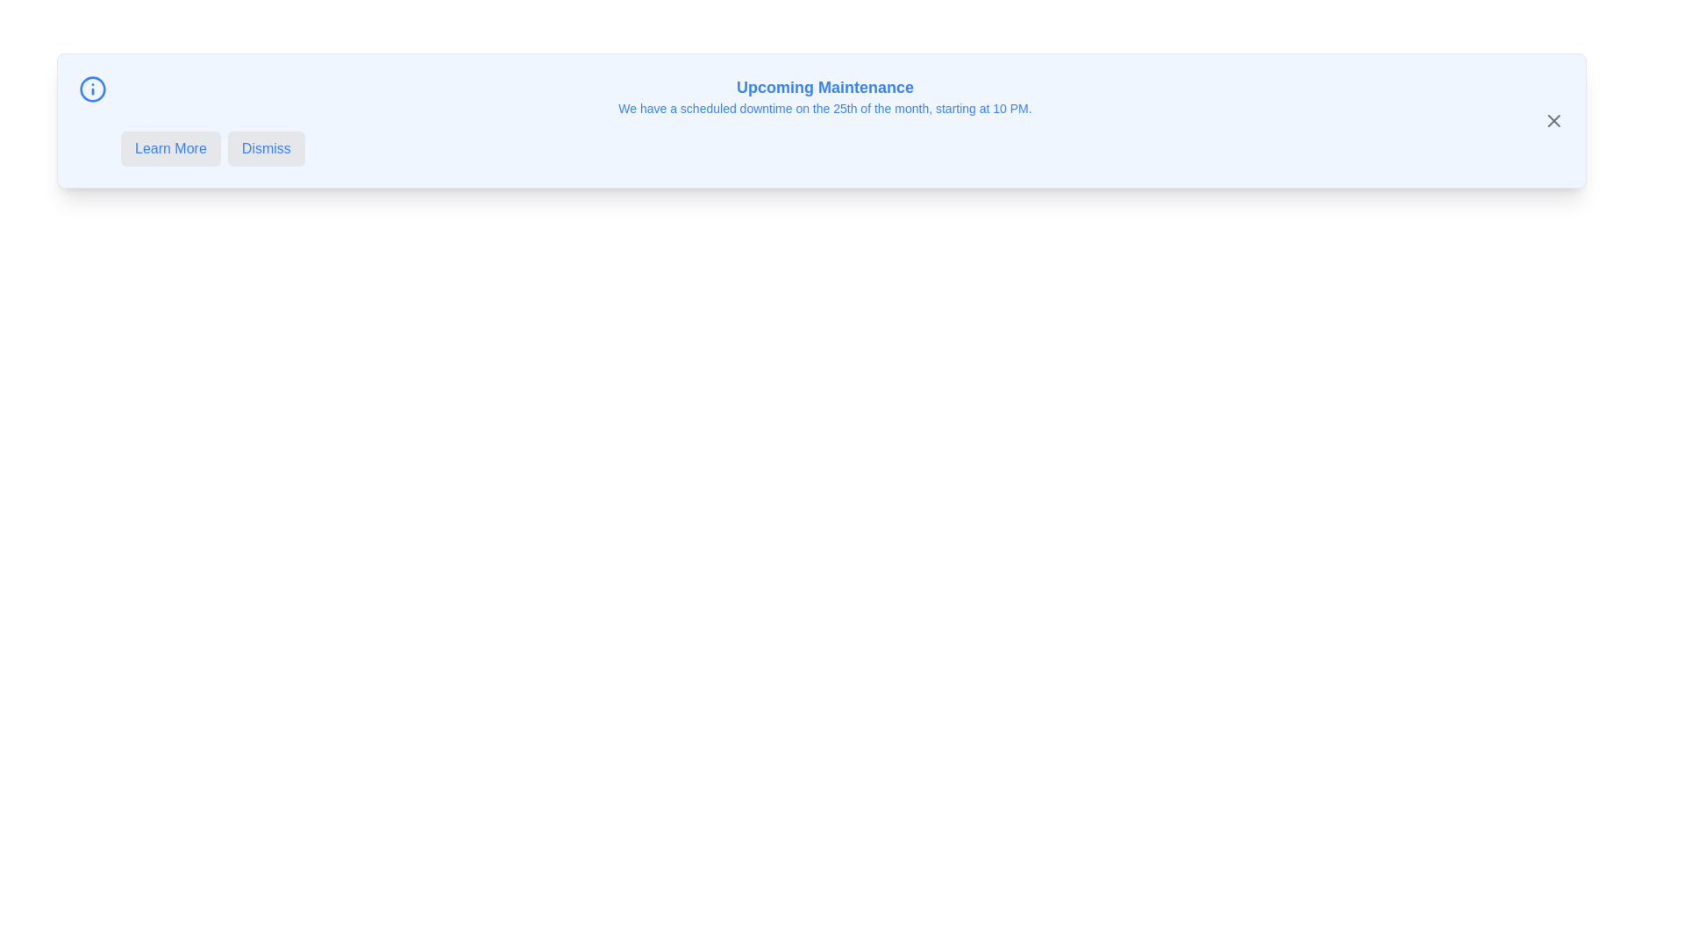  I want to click on the button located at the top-center of the interface, below the blue informational banner, so click(170, 147).